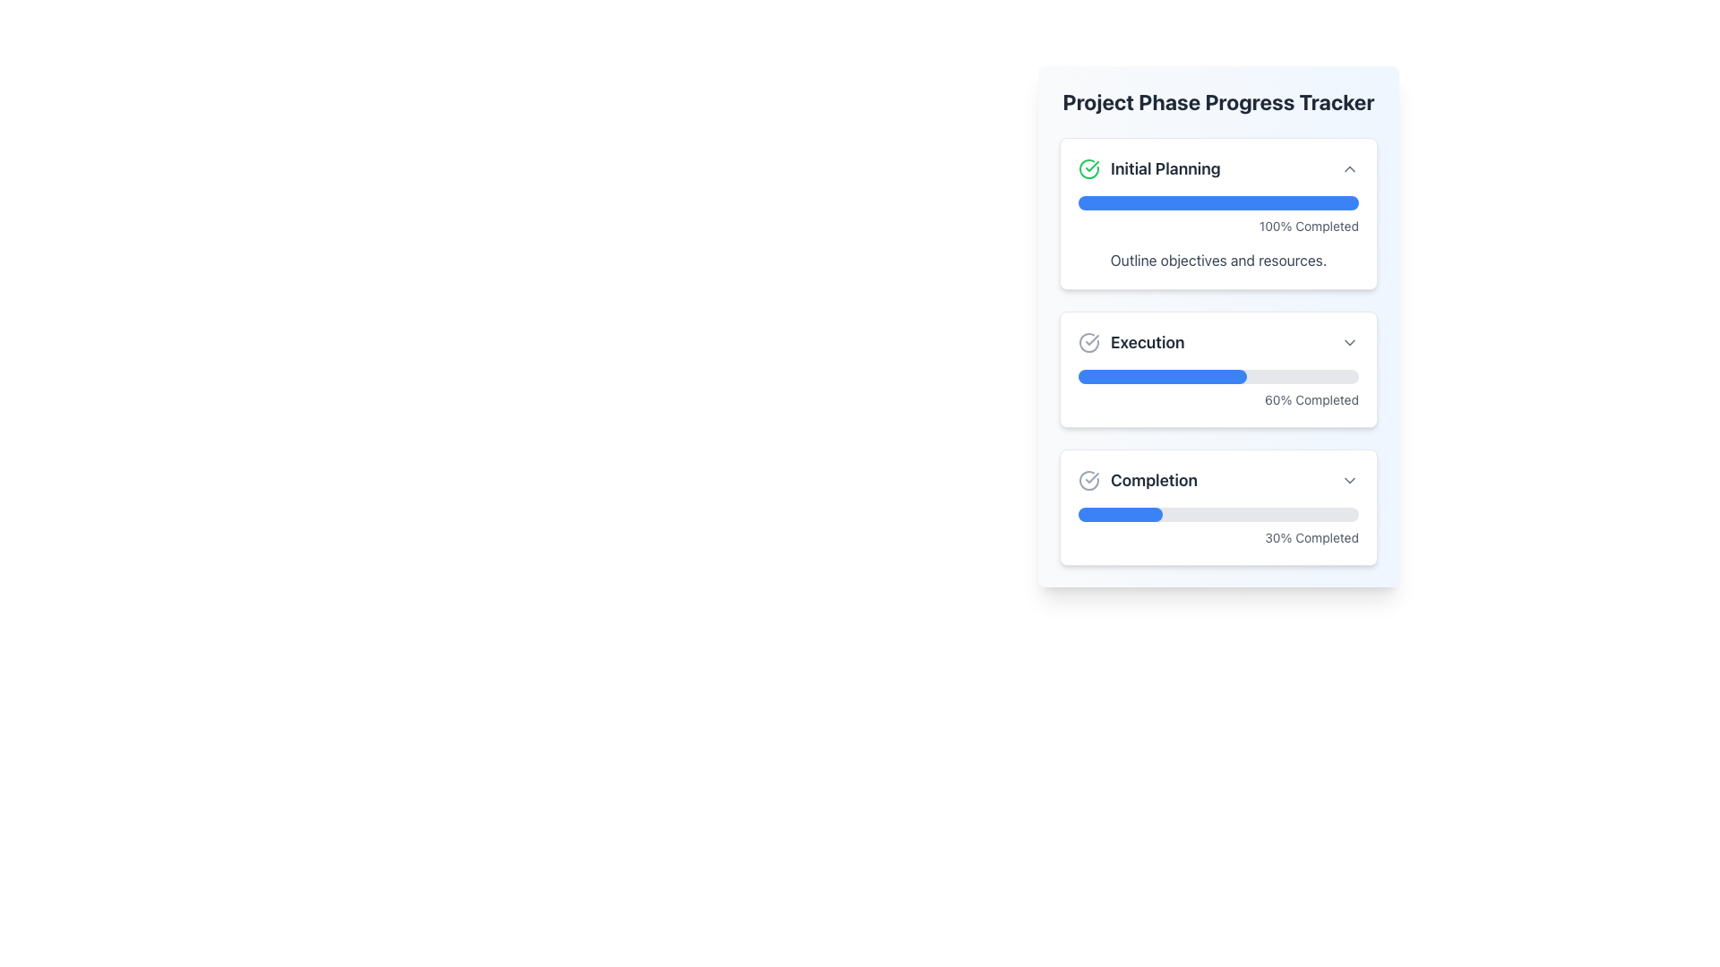 The height and width of the screenshot is (967, 1720). What do you see at coordinates (1088, 479) in the screenshot?
I see `the completion status indicator icon located to the left of the 'Completion' section label in the progress tracker interface` at bounding box center [1088, 479].